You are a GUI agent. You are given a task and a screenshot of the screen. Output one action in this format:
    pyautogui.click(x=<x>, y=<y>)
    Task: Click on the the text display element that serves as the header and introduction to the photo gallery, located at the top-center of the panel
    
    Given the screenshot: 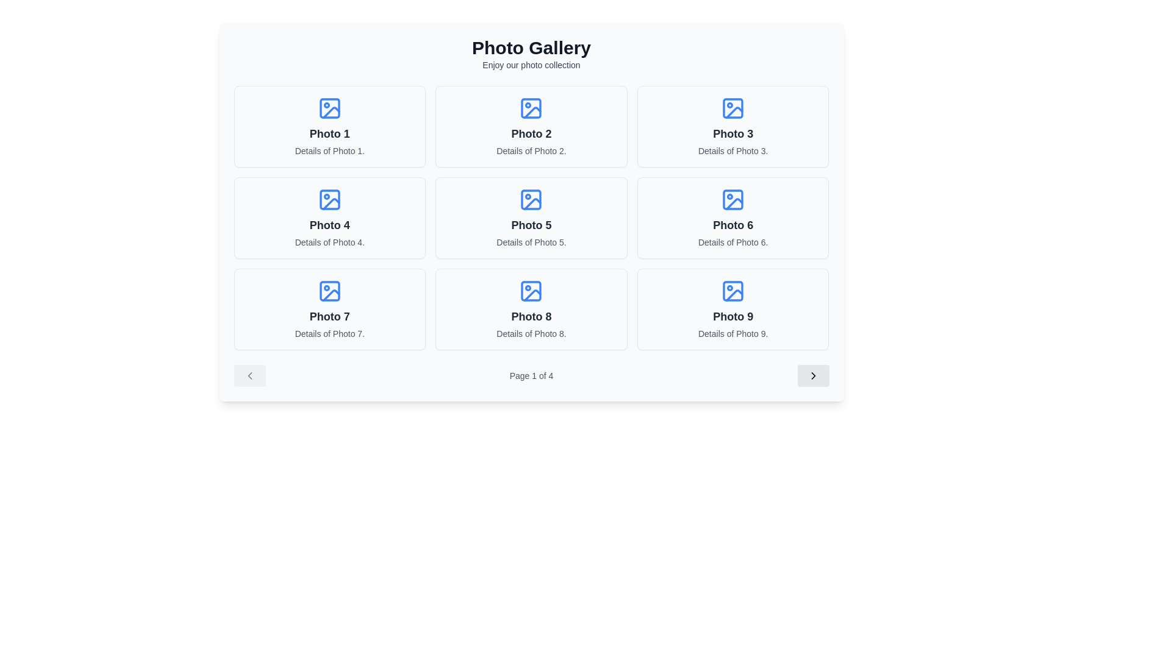 What is the action you would take?
    pyautogui.click(x=531, y=53)
    